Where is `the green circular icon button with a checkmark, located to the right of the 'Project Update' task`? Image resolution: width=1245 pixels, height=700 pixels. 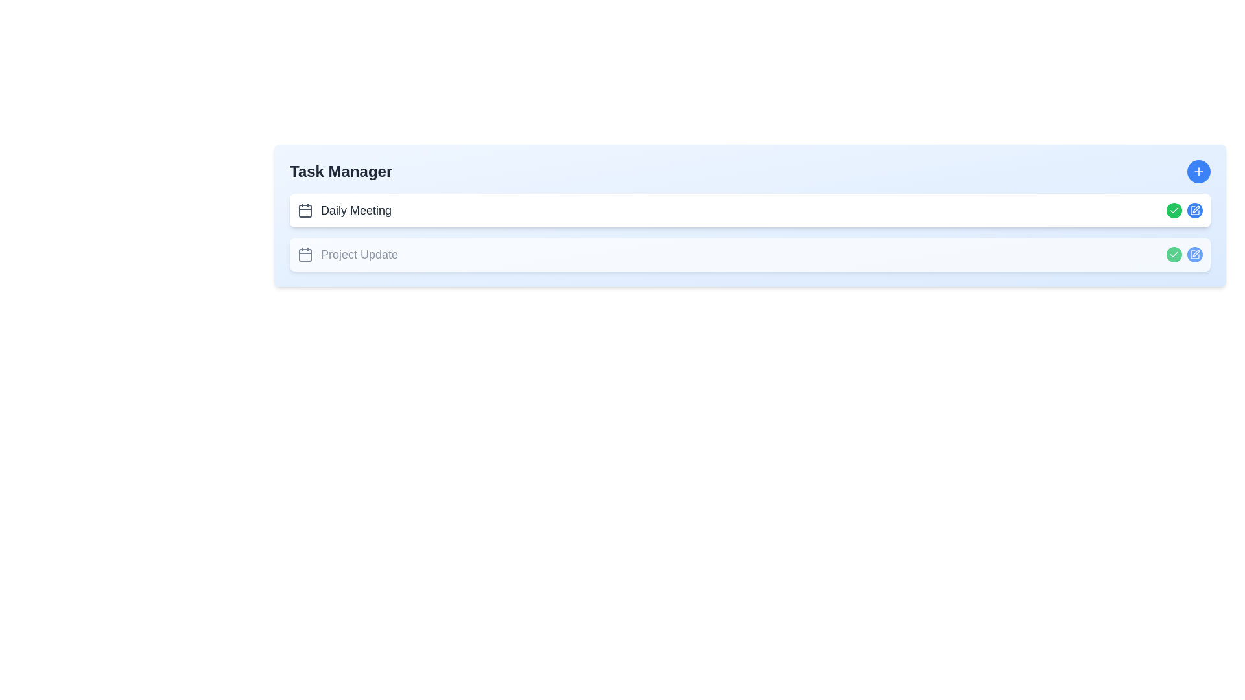 the green circular icon button with a checkmark, located to the right of the 'Project Update' task is located at coordinates (1174, 209).